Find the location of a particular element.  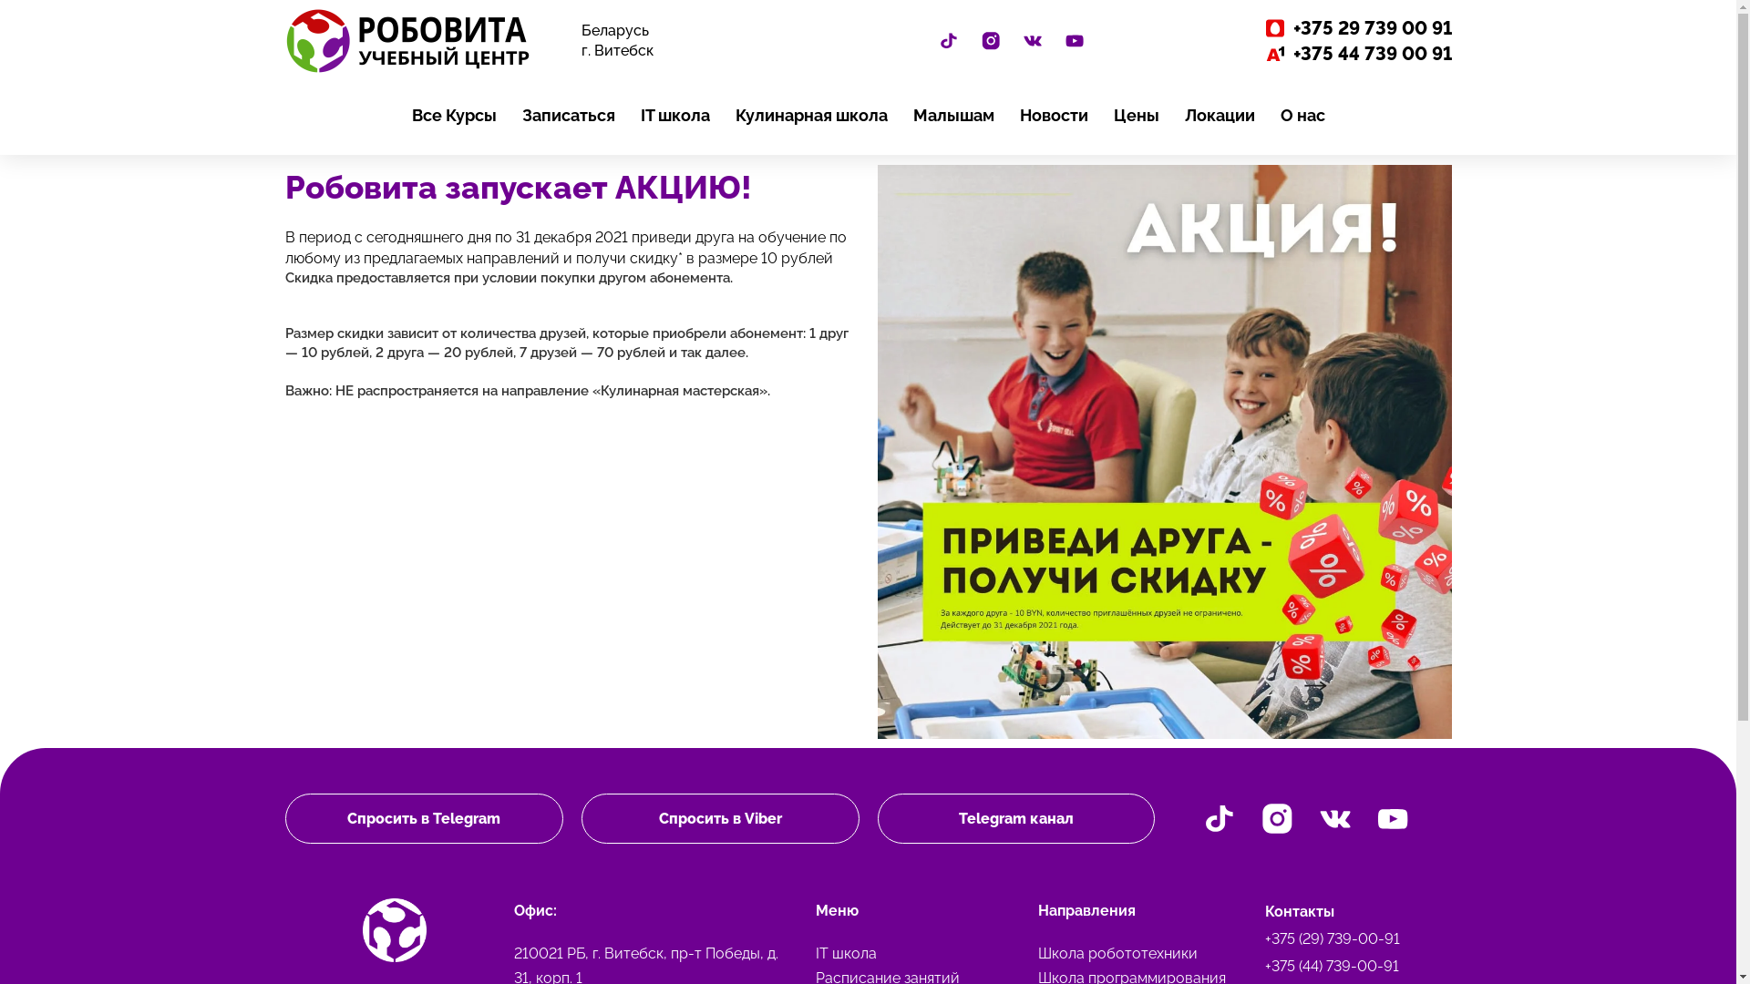

'+375 (29) 739-00-91' is located at coordinates (1353, 938).